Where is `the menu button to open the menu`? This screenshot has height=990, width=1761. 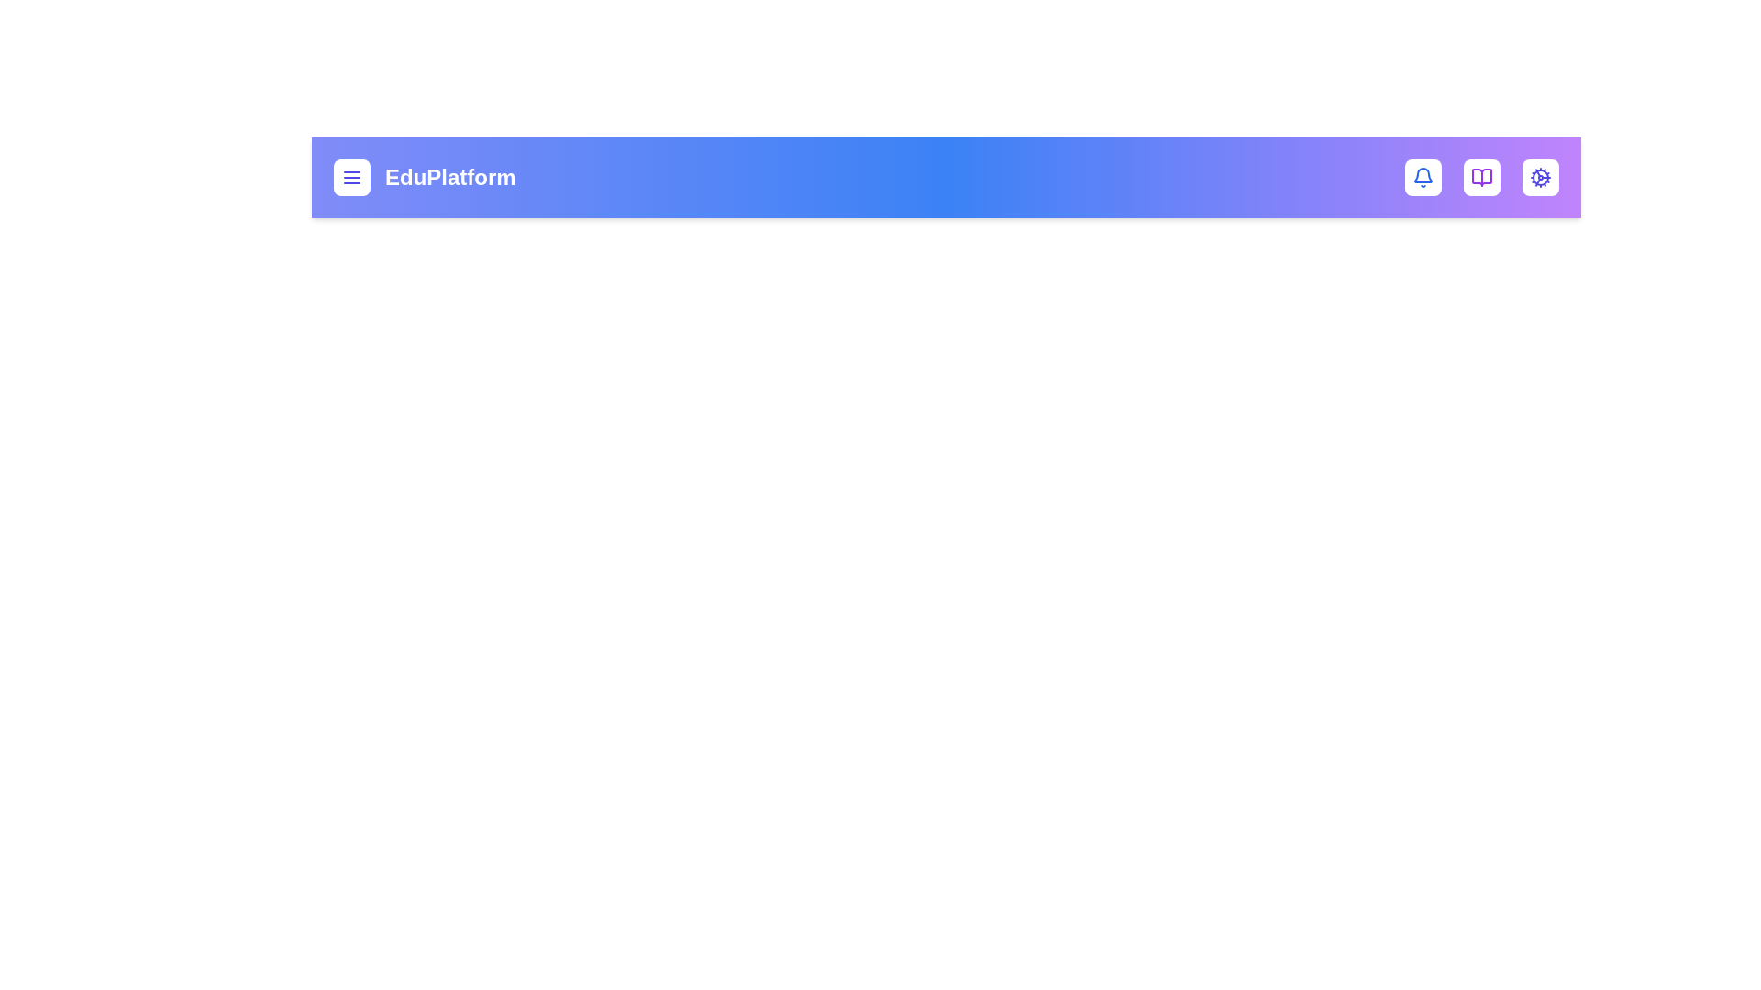 the menu button to open the menu is located at coordinates (352, 177).